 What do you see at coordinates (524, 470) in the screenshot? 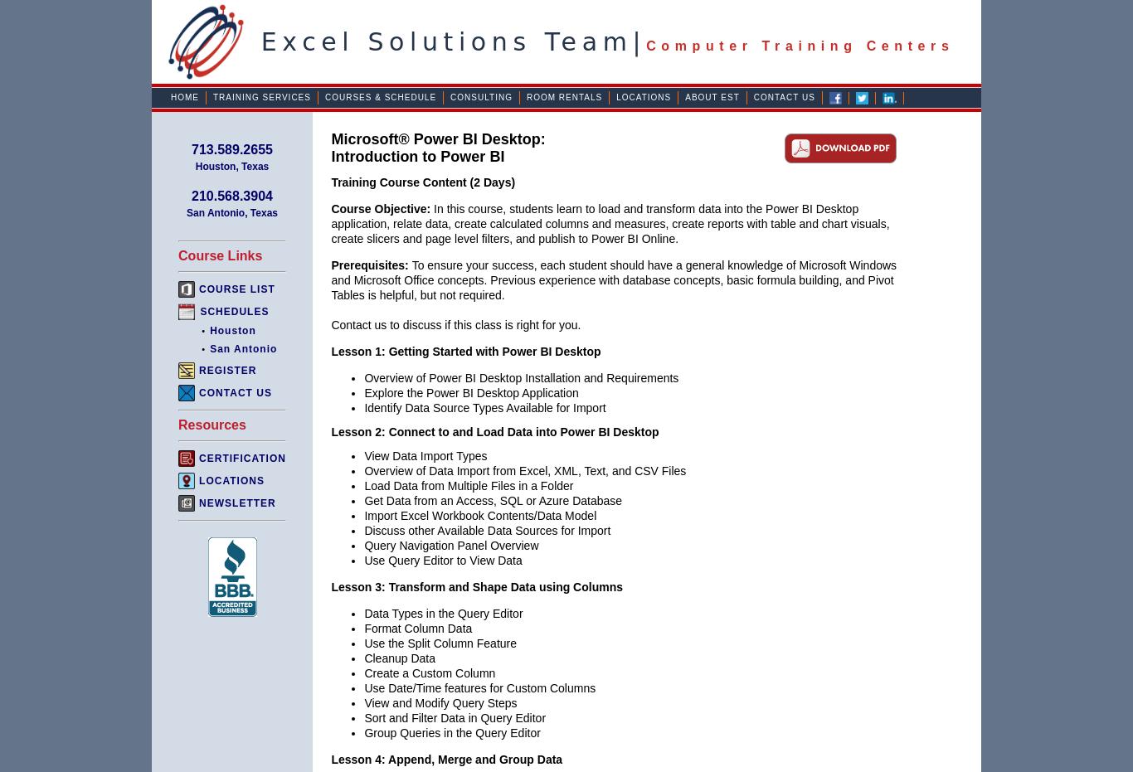
I see `'Overview of Data Import from Excel, XML, Text, and CSV Files'` at bounding box center [524, 470].